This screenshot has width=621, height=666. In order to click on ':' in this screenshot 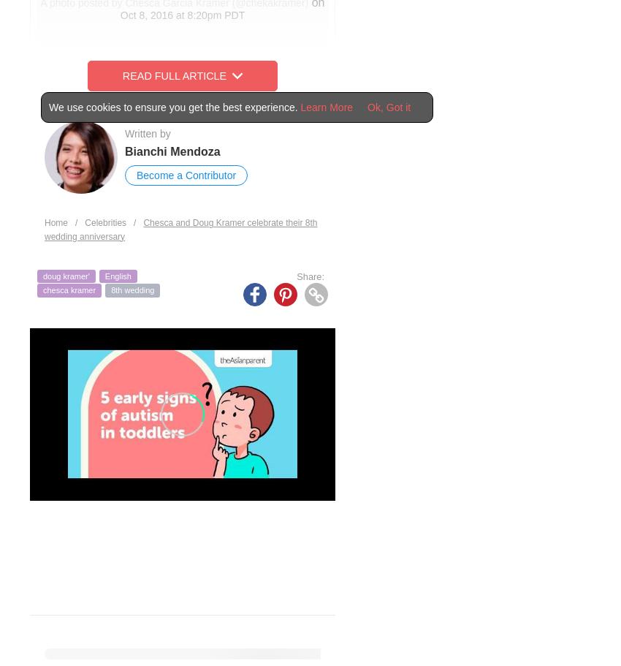, I will do `click(321, 276)`.